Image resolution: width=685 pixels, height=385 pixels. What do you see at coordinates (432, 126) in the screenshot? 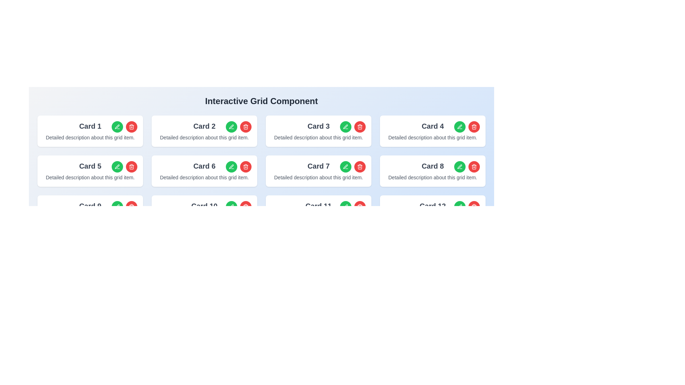
I see `the title text of 'Card 4', which serves as a quick identifier for the card's content, located at the top-center of the card in the second row and fourth column of the grid layout` at bounding box center [432, 126].